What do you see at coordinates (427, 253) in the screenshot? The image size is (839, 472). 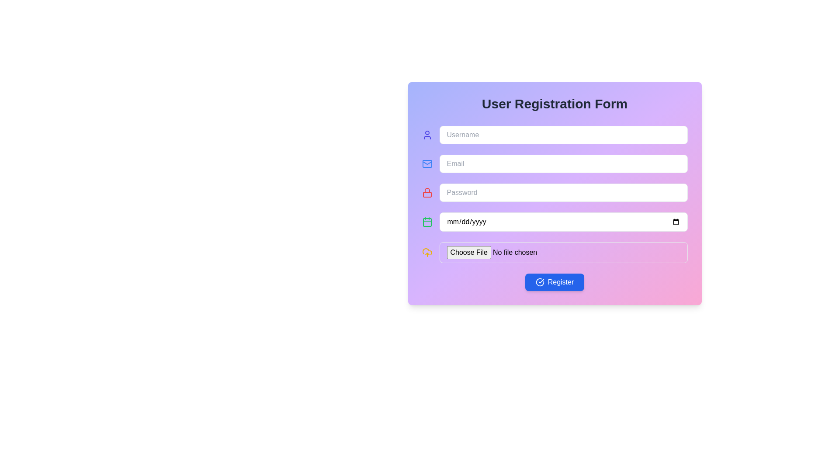 I see `the yellow cloud upload icon, which features a circular cloud outline and an upward-facing arrow, located on the leftmost side of the file selection area adjacent to the 'Choose File' input field` at bounding box center [427, 253].